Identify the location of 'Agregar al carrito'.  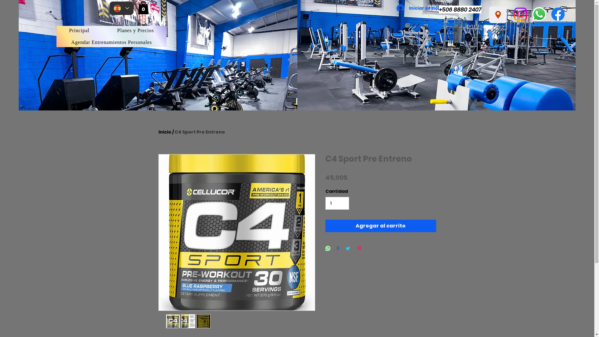
(380, 226).